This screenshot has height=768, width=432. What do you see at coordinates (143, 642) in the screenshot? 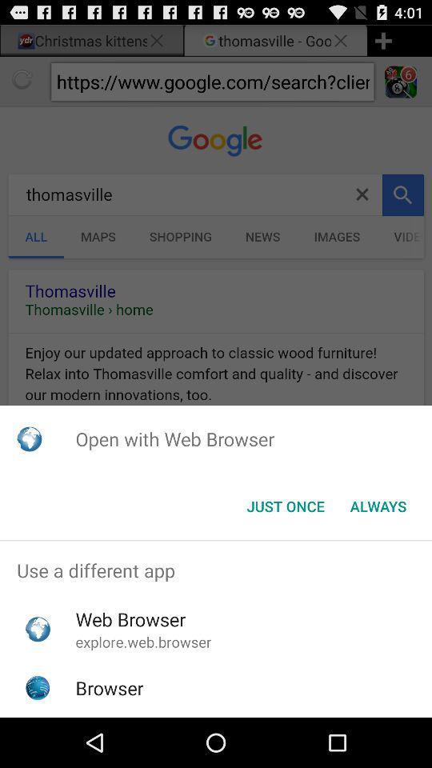
I see `the icon below web browser app` at bounding box center [143, 642].